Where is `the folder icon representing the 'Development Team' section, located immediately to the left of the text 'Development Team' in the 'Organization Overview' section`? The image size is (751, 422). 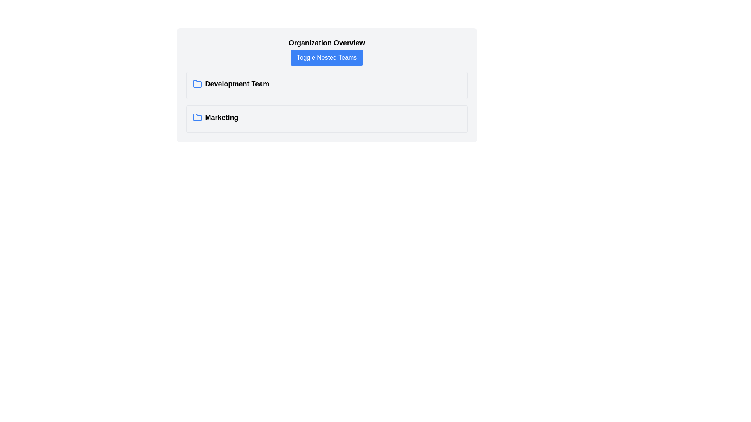 the folder icon representing the 'Development Team' section, located immediately to the left of the text 'Development Team' in the 'Organization Overview' section is located at coordinates (197, 84).